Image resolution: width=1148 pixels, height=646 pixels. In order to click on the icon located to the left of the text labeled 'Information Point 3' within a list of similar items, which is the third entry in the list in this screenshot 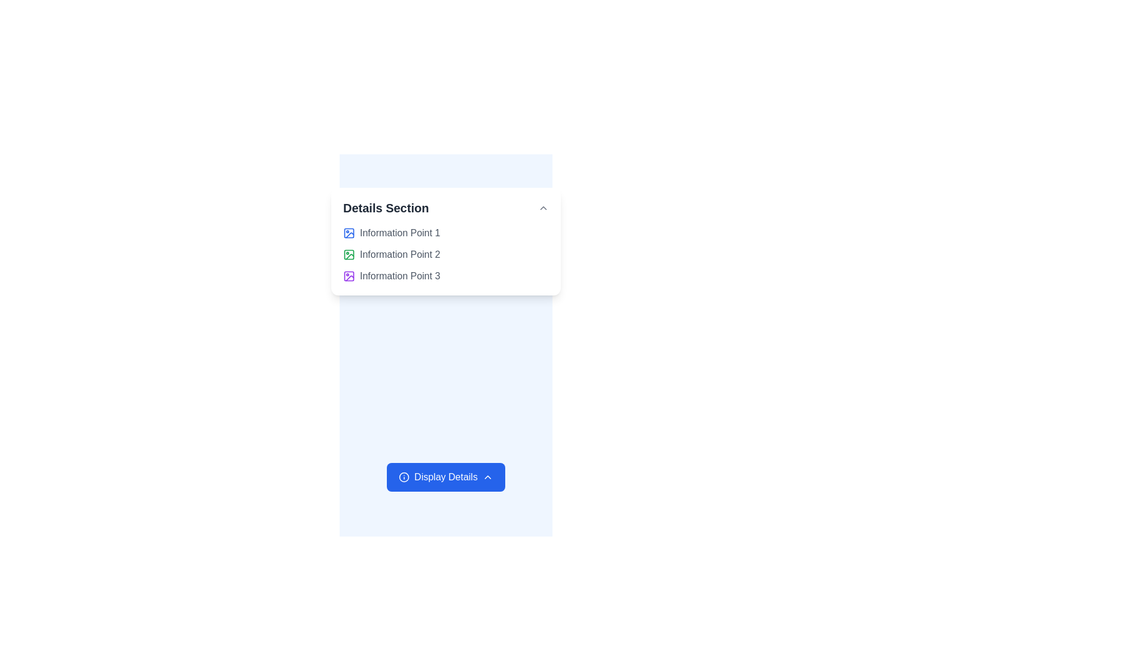, I will do `click(349, 276)`.